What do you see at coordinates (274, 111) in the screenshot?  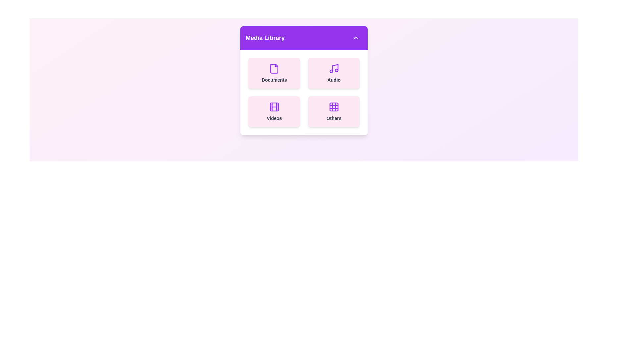 I see `the 'Videos' card in the Media Library menu` at bounding box center [274, 111].